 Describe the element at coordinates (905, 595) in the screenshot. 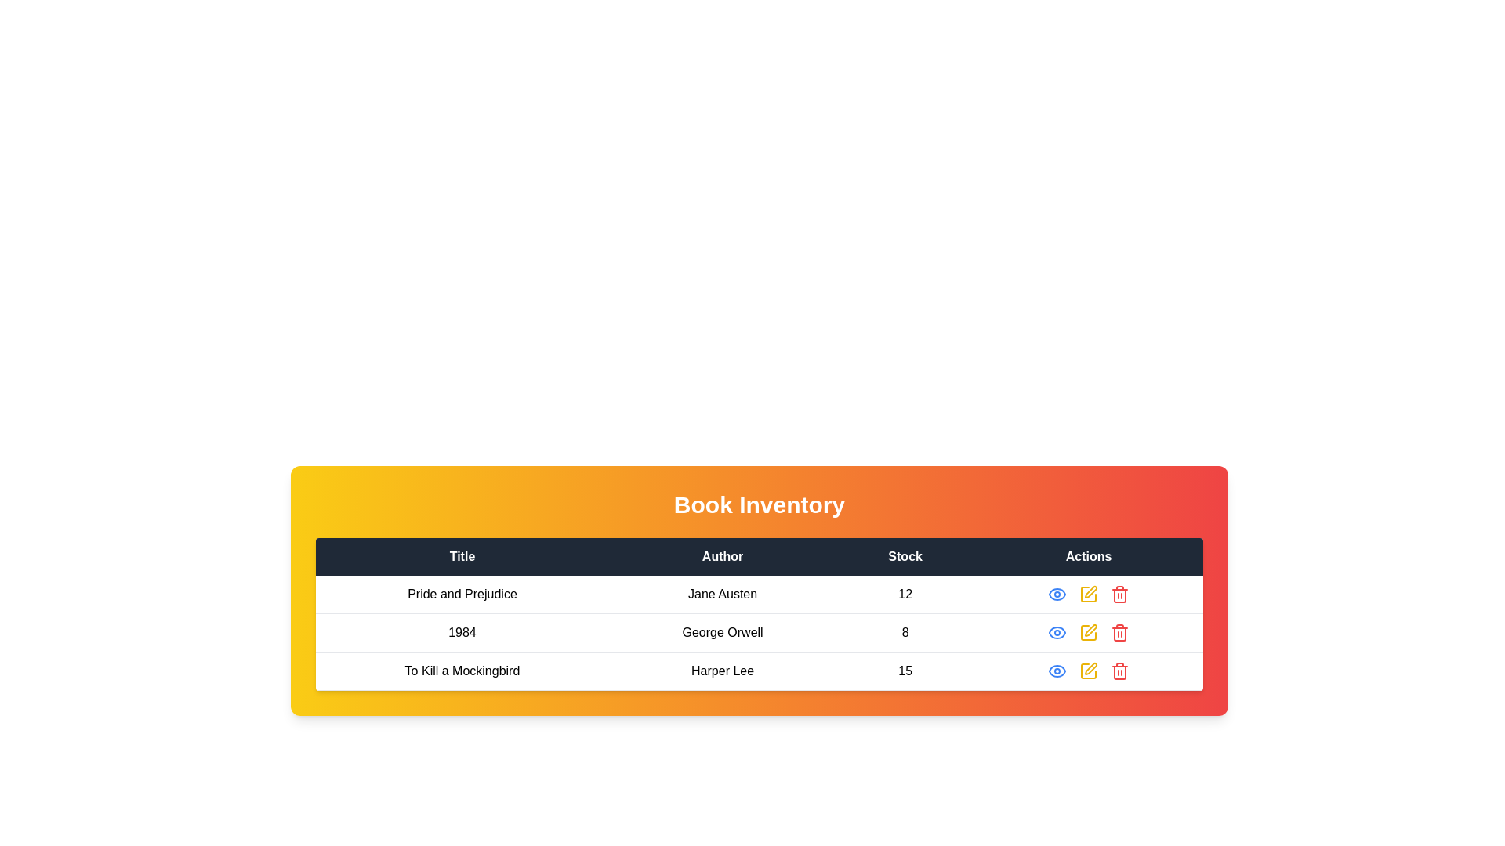

I see `the Text display field showing '12' in the third column of the first data row under the 'Stock' header, associated with 'Pride and Prejudice' by 'Jane Austen'` at that location.